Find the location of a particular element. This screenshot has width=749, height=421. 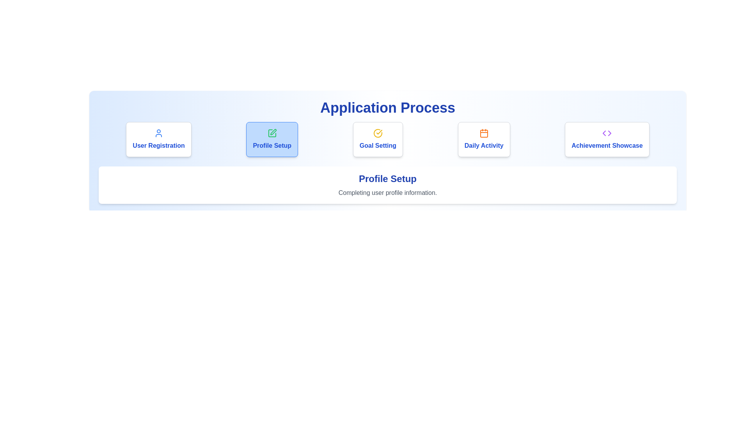

the circular icon with a yellow stroke and a checkmark inside, located in the second card from the left in the sequence of steps for 'Goal Setting' is located at coordinates (378, 133).